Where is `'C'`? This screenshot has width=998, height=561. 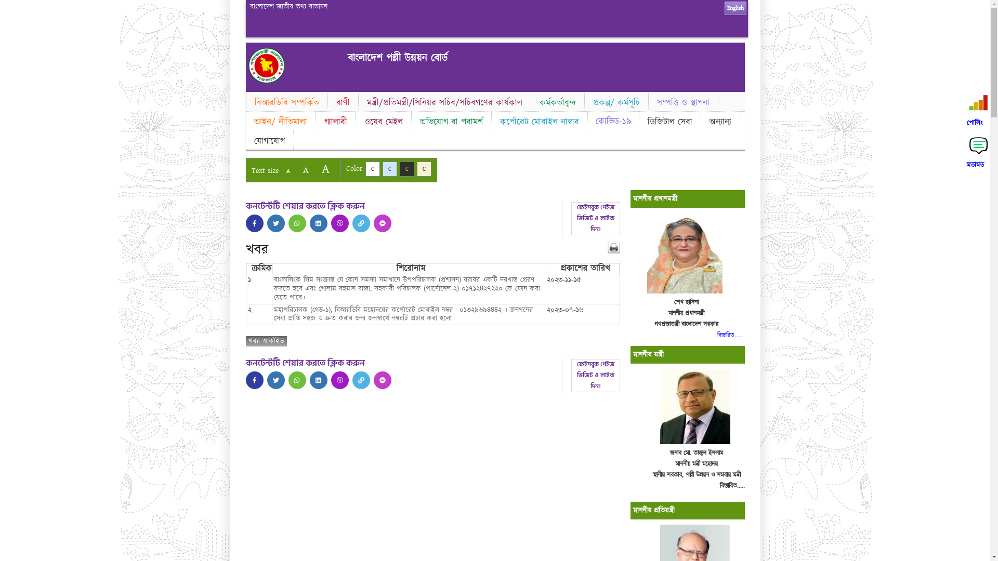
'C' is located at coordinates (389, 168).